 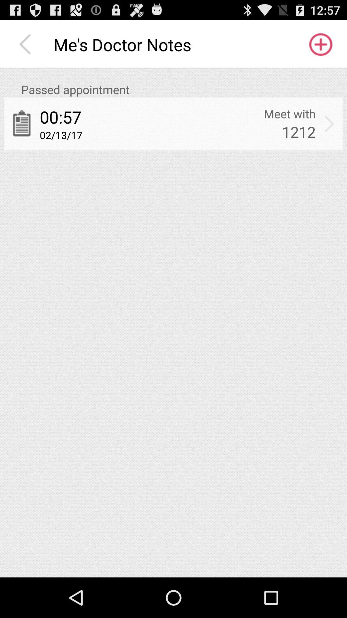 What do you see at coordinates (329, 124) in the screenshot?
I see `the app below passed appointment icon` at bounding box center [329, 124].